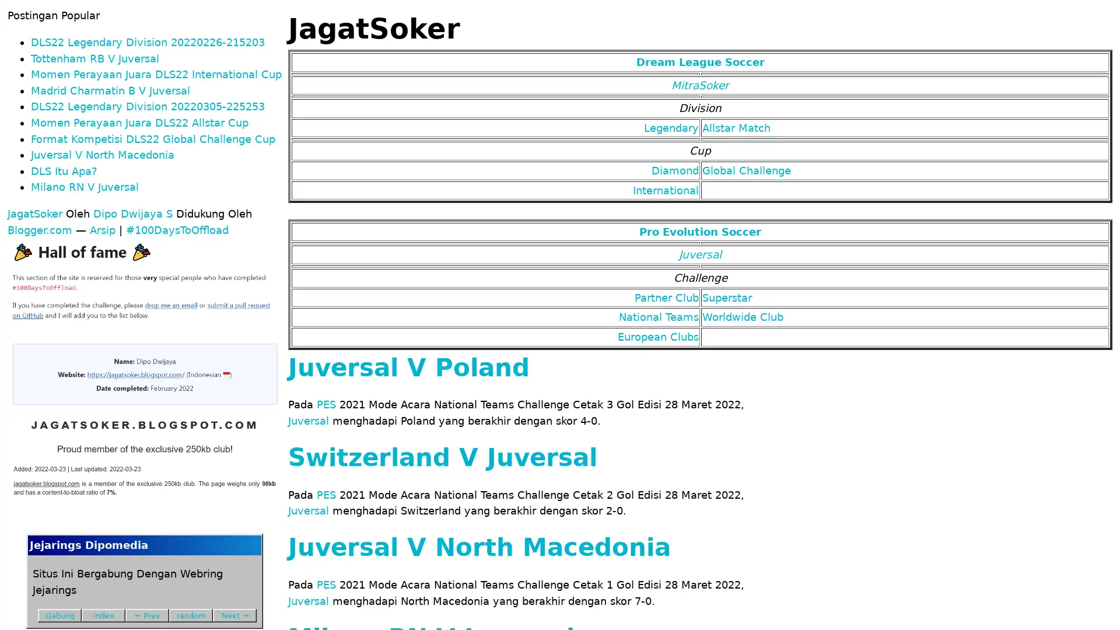 The height and width of the screenshot is (630, 1120). What do you see at coordinates (103, 614) in the screenshot?
I see `index` at bounding box center [103, 614].